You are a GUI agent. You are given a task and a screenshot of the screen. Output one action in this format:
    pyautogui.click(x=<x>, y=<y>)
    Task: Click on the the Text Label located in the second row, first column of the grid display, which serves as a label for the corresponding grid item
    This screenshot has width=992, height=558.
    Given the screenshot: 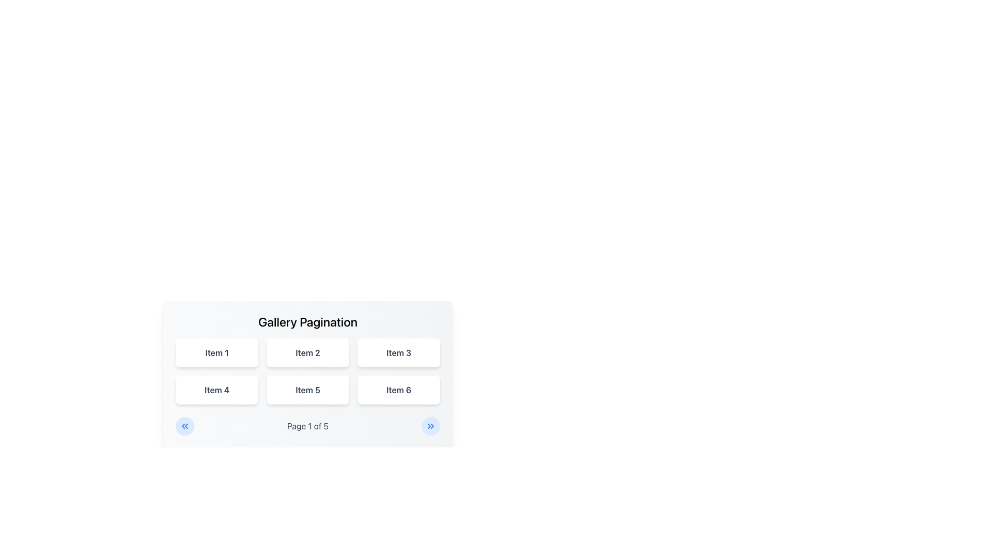 What is the action you would take?
    pyautogui.click(x=216, y=390)
    